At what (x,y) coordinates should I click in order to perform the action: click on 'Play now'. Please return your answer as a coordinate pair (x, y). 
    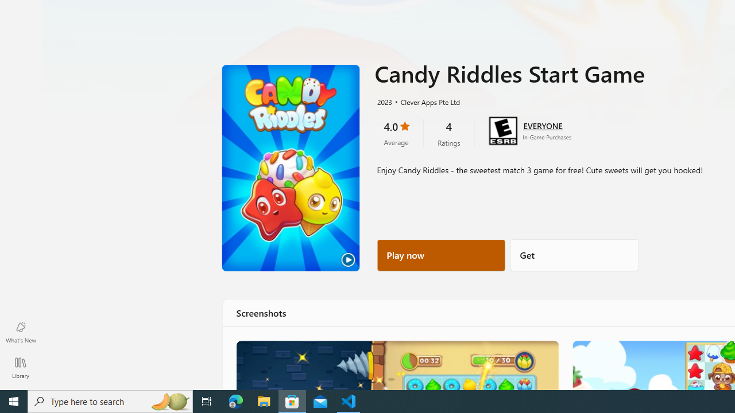
    Looking at the image, I should click on (440, 254).